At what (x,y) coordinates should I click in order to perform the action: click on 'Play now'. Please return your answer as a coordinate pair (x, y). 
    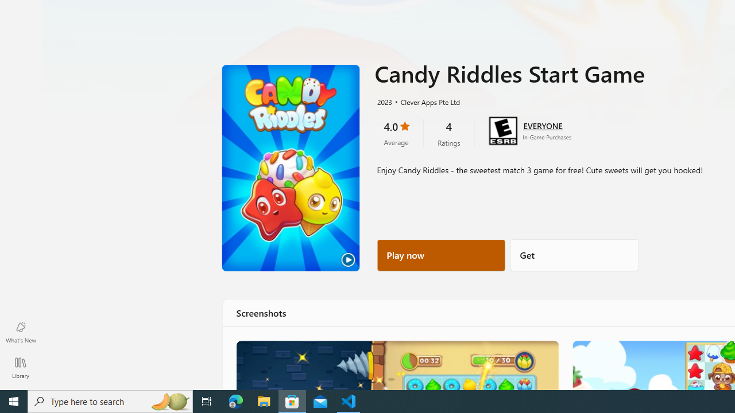
    Looking at the image, I should click on (440, 254).